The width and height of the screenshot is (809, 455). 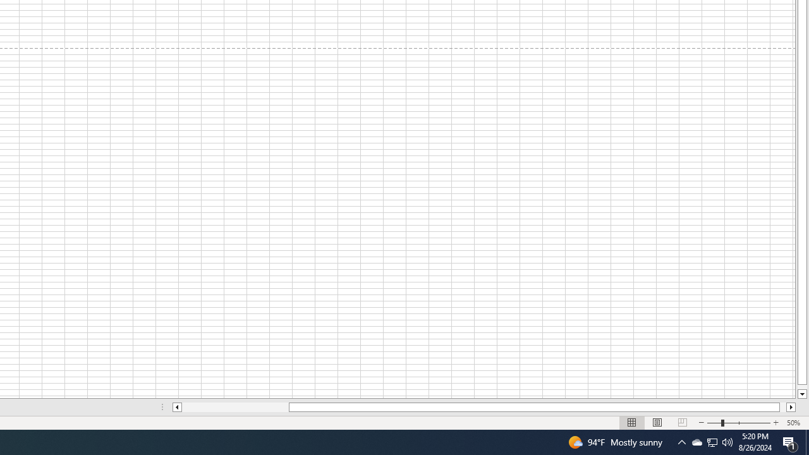 I want to click on 'Column right', so click(x=791, y=407).